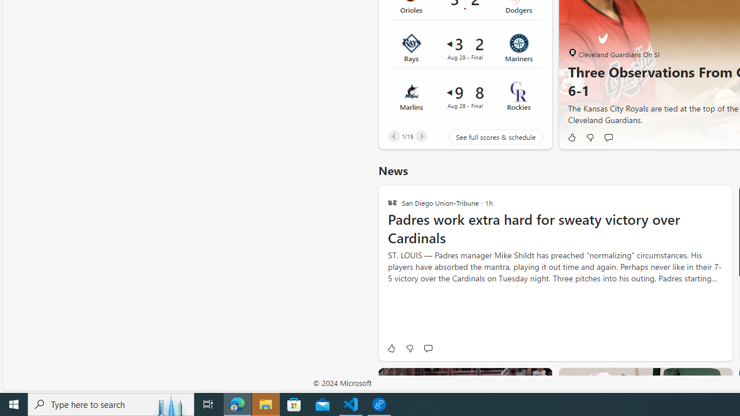 The image size is (740, 416). What do you see at coordinates (420, 136) in the screenshot?
I see `'Next'` at bounding box center [420, 136].